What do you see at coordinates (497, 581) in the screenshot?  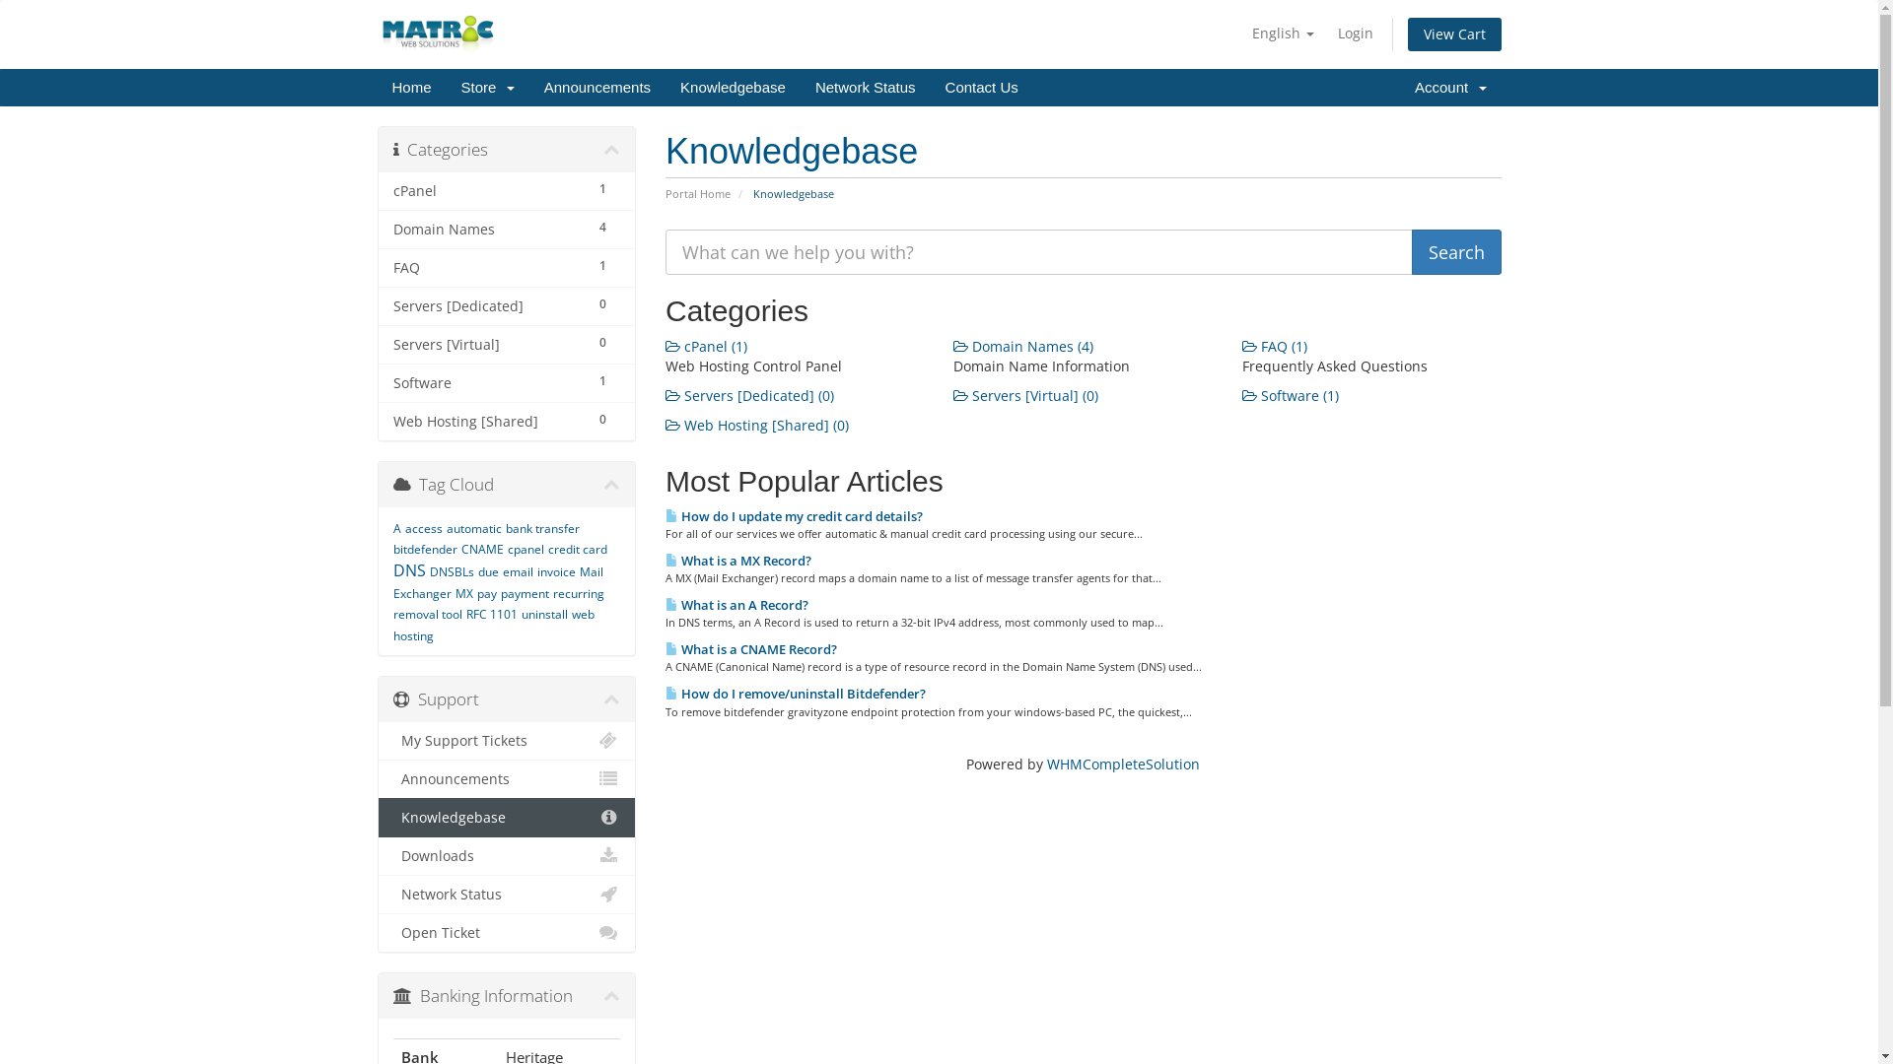 I see `'Mail Exchanger'` at bounding box center [497, 581].